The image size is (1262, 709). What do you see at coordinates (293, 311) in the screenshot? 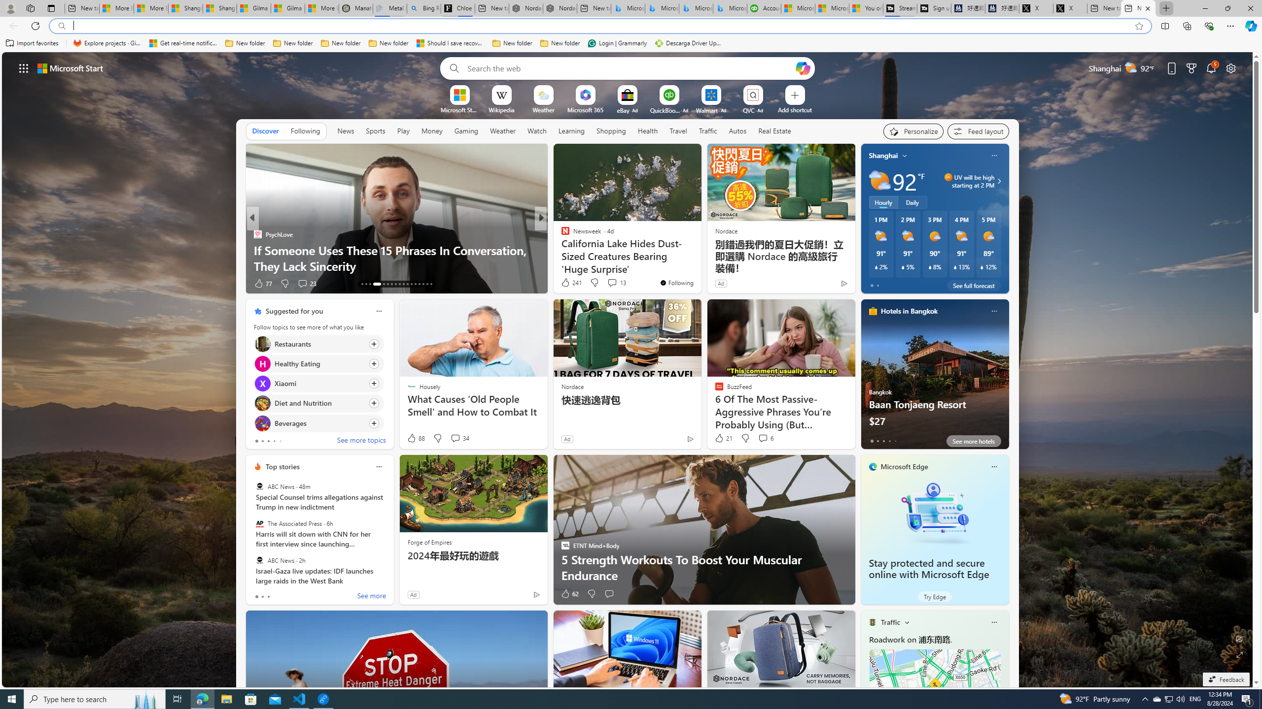
I see `'Suggested for you'` at bounding box center [293, 311].